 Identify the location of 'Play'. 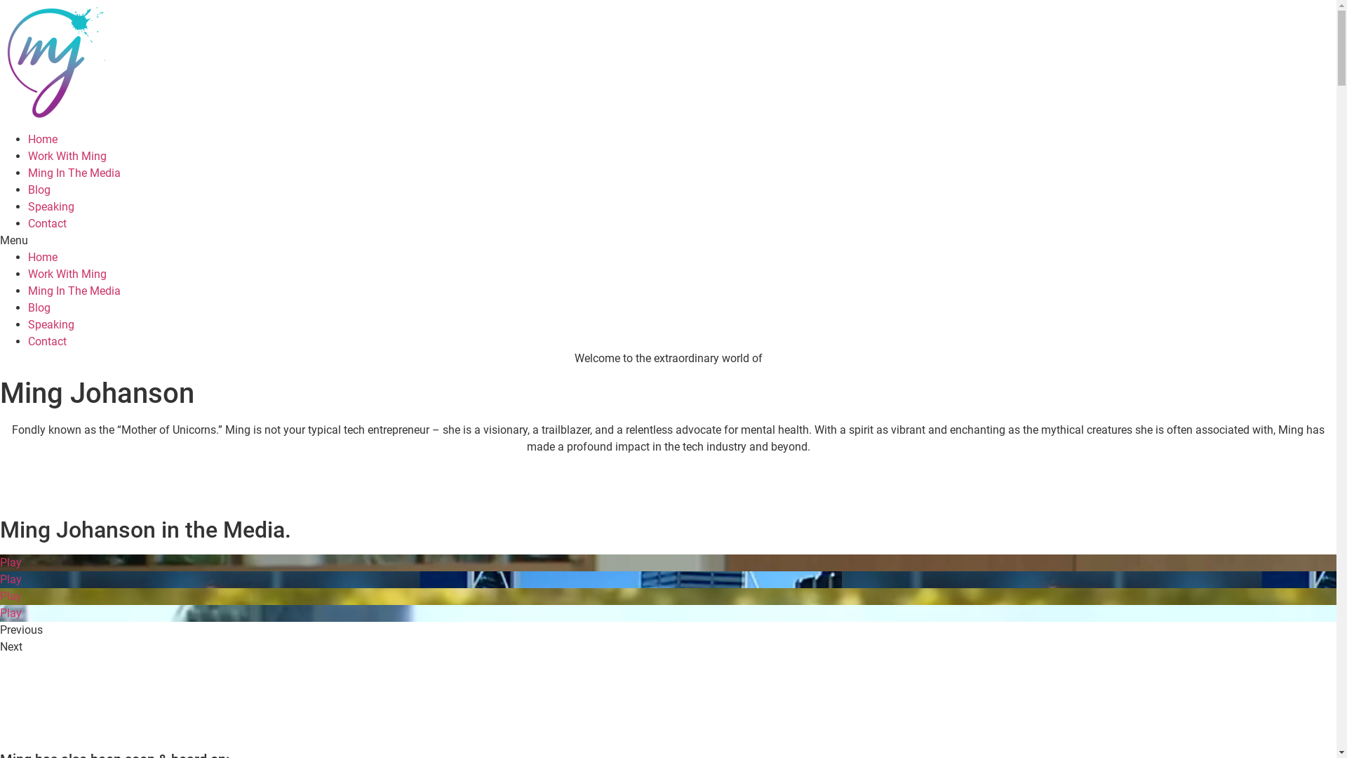
(0, 562).